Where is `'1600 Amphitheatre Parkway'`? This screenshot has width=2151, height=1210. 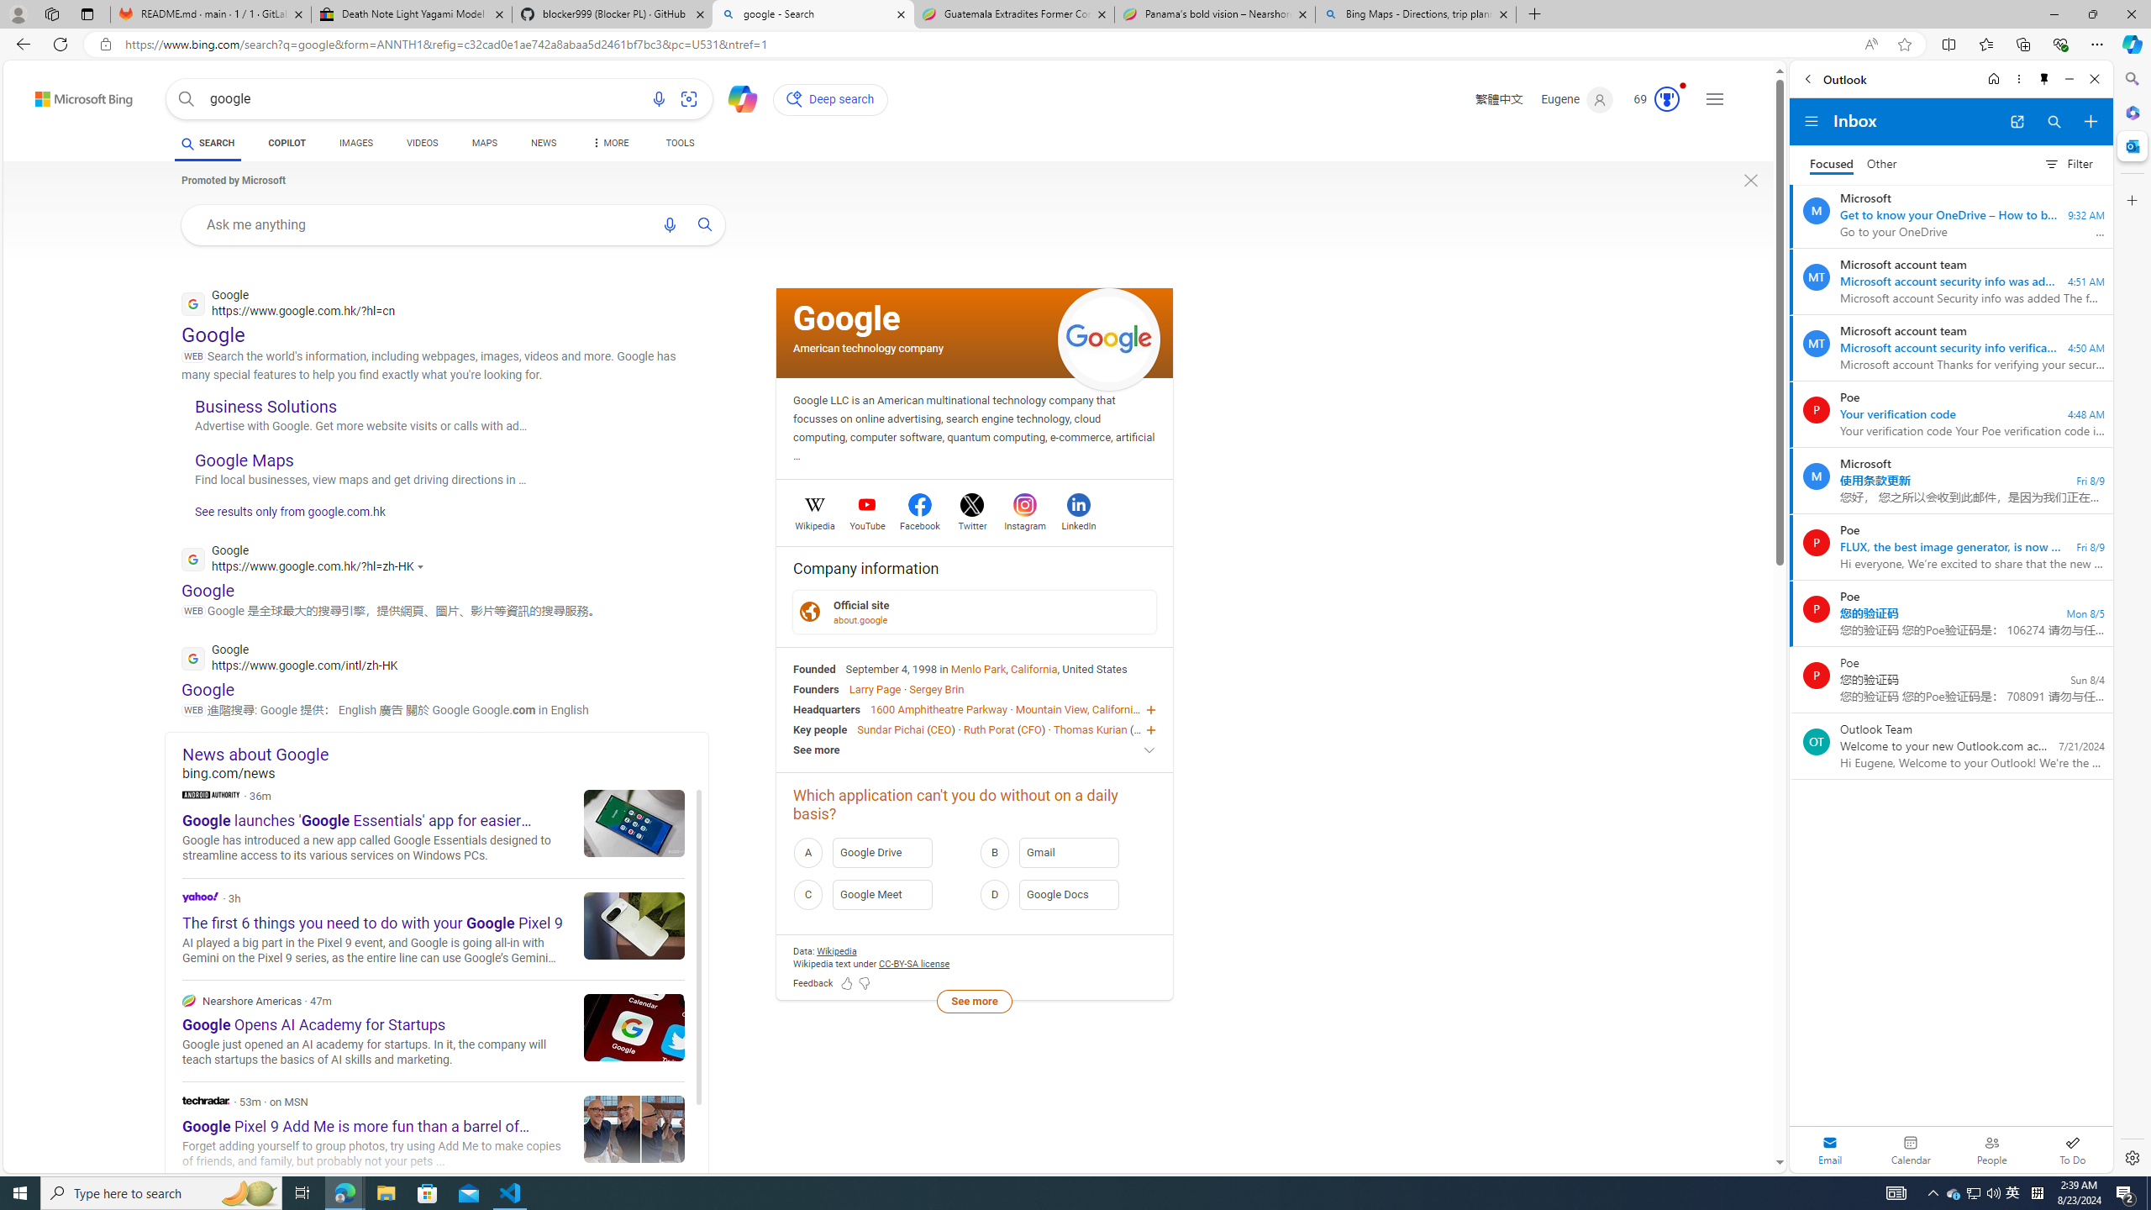
'1600 Amphitheatre Parkway' is located at coordinates (938, 708).